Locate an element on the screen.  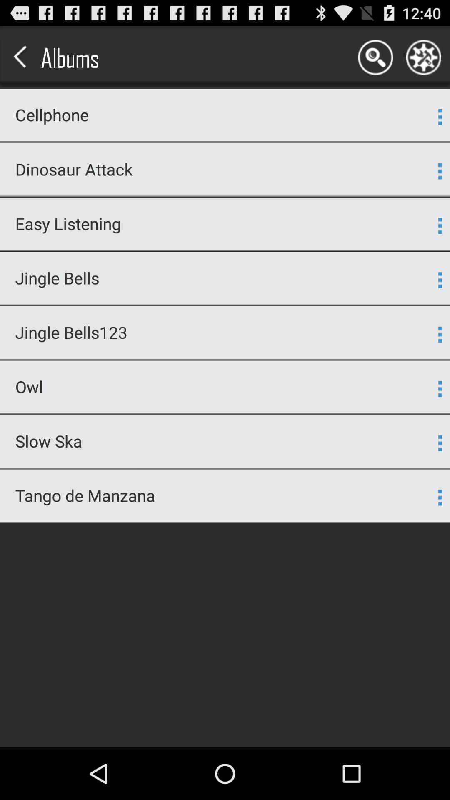
item next to the owl icon is located at coordinates (440, 388).